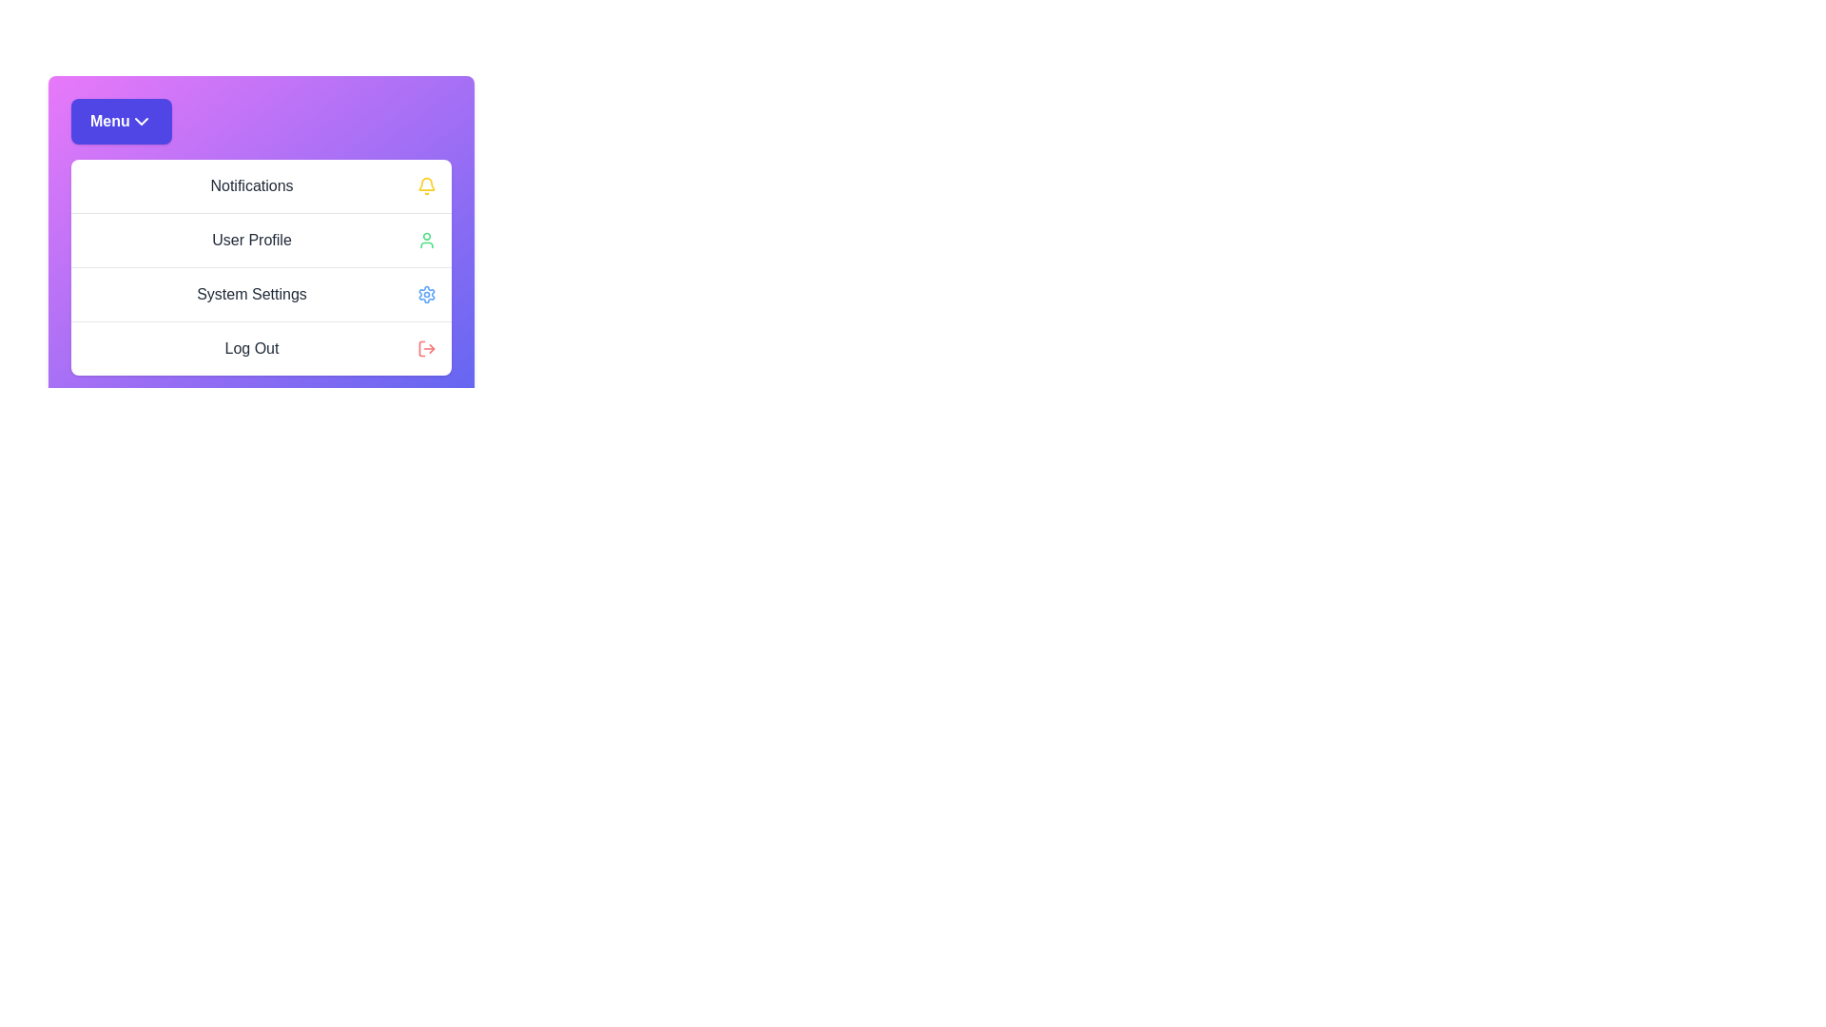 The image size is (1826, 1027). I want to click on the icon corresponding to System Settings in the menu, so click(426, 294).